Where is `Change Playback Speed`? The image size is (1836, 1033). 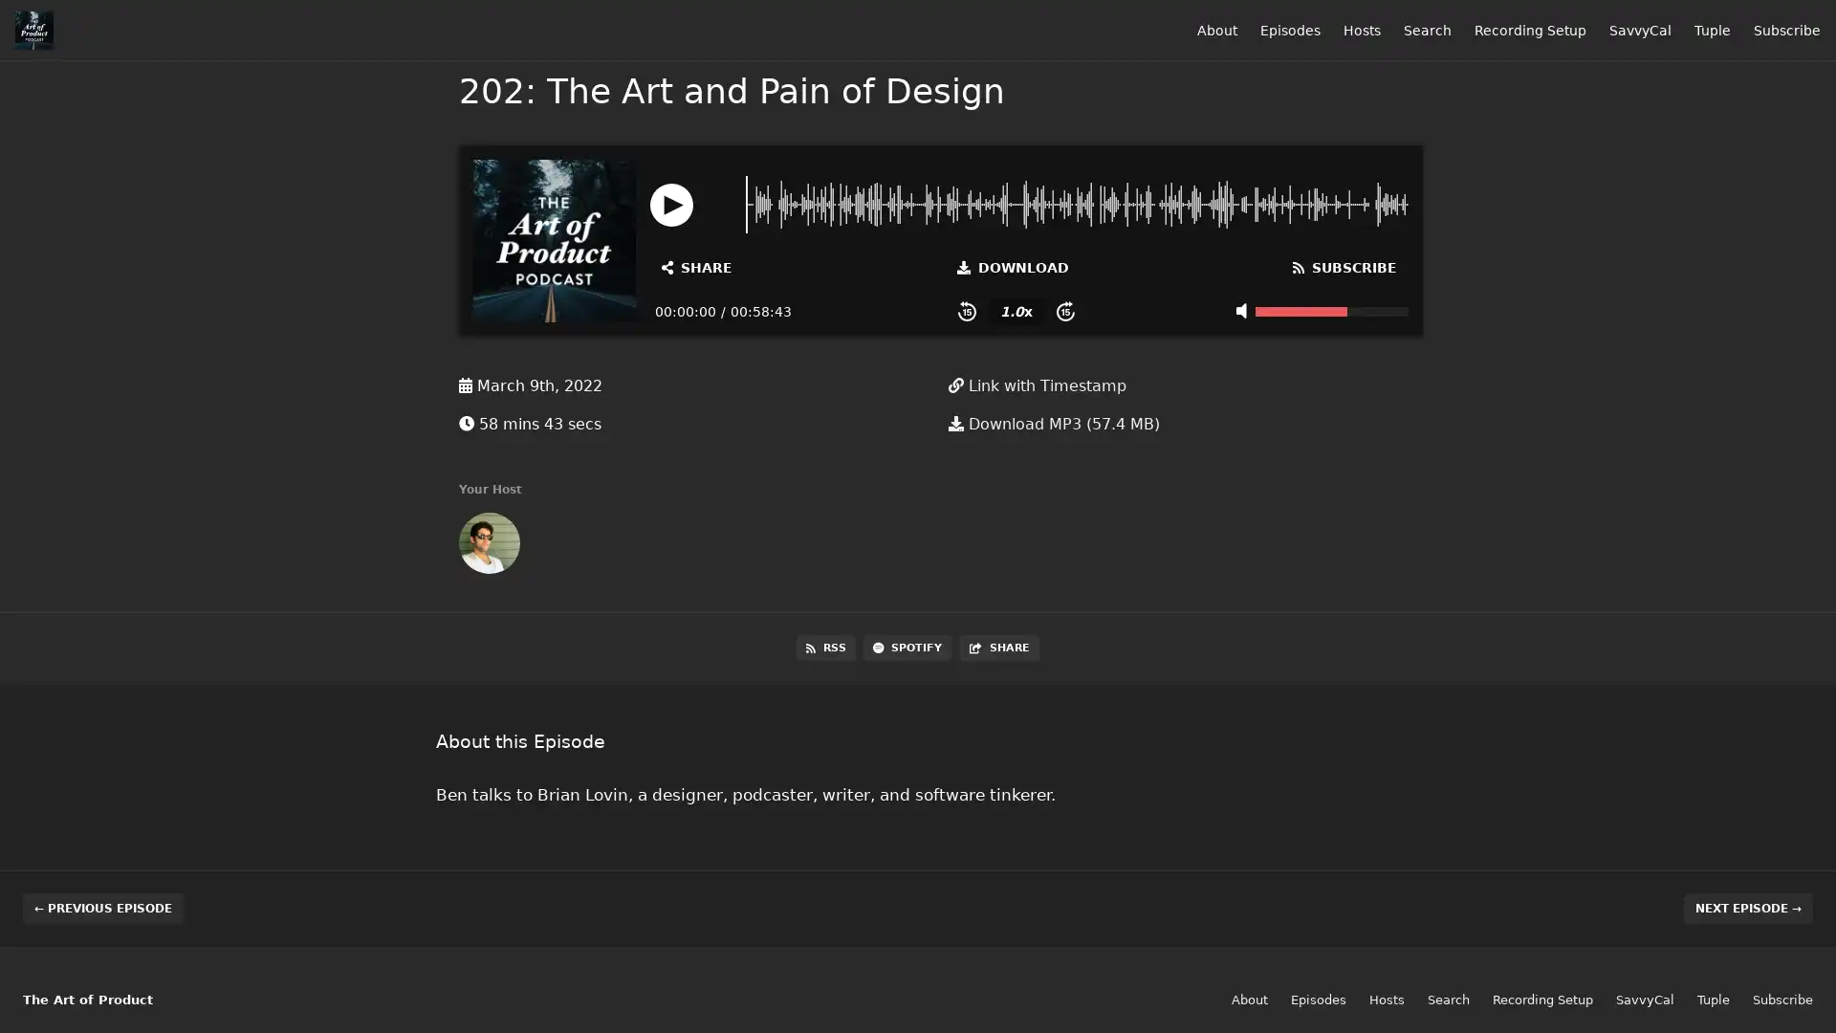
Change Playback Speed is located at coordinates (1015, 309).